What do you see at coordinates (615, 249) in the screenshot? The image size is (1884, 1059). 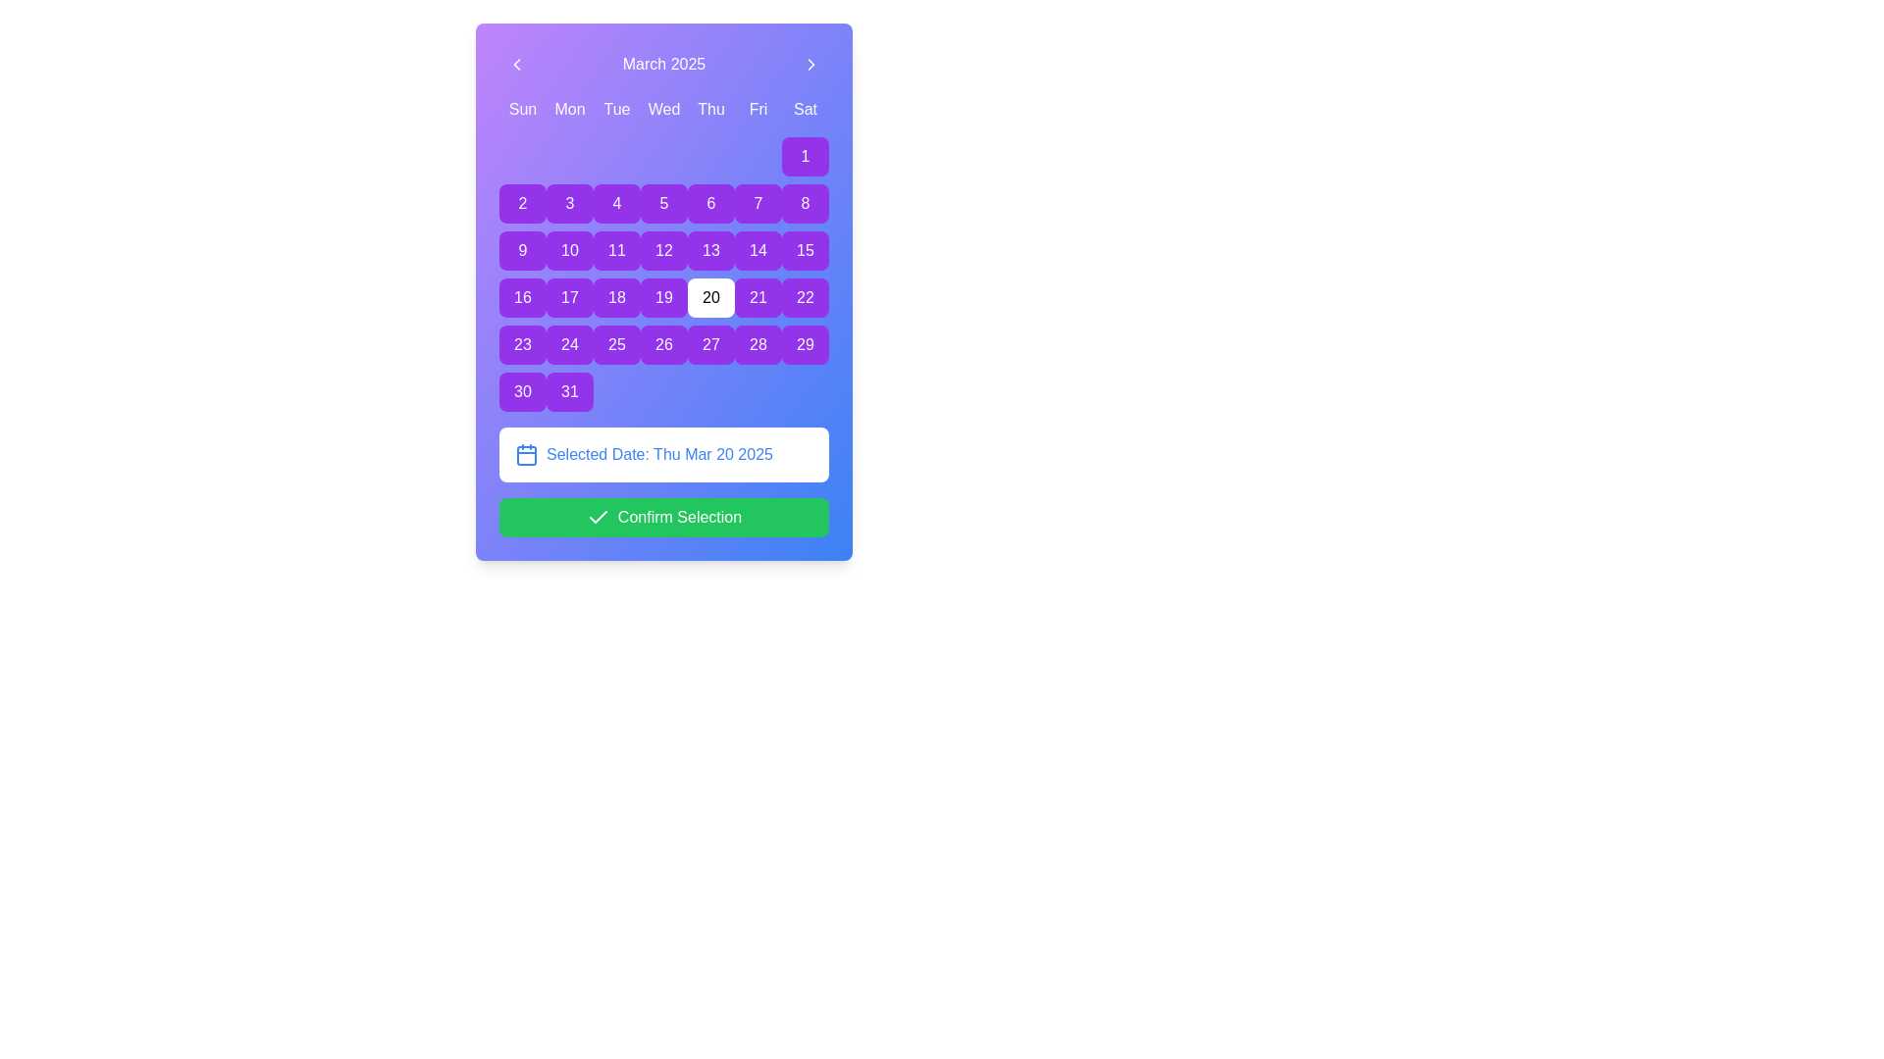 I see `the rectangular button with a purple background and white text displaying '11'` at bounding box center [615, 249].